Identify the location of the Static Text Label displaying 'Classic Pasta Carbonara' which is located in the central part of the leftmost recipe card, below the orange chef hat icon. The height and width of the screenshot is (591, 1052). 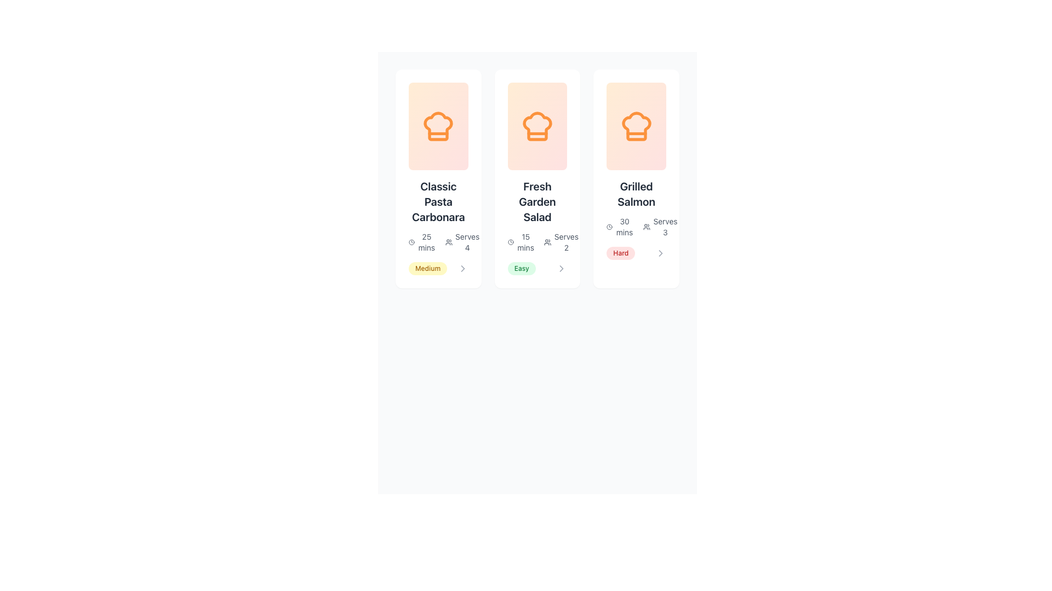
(438, 202).